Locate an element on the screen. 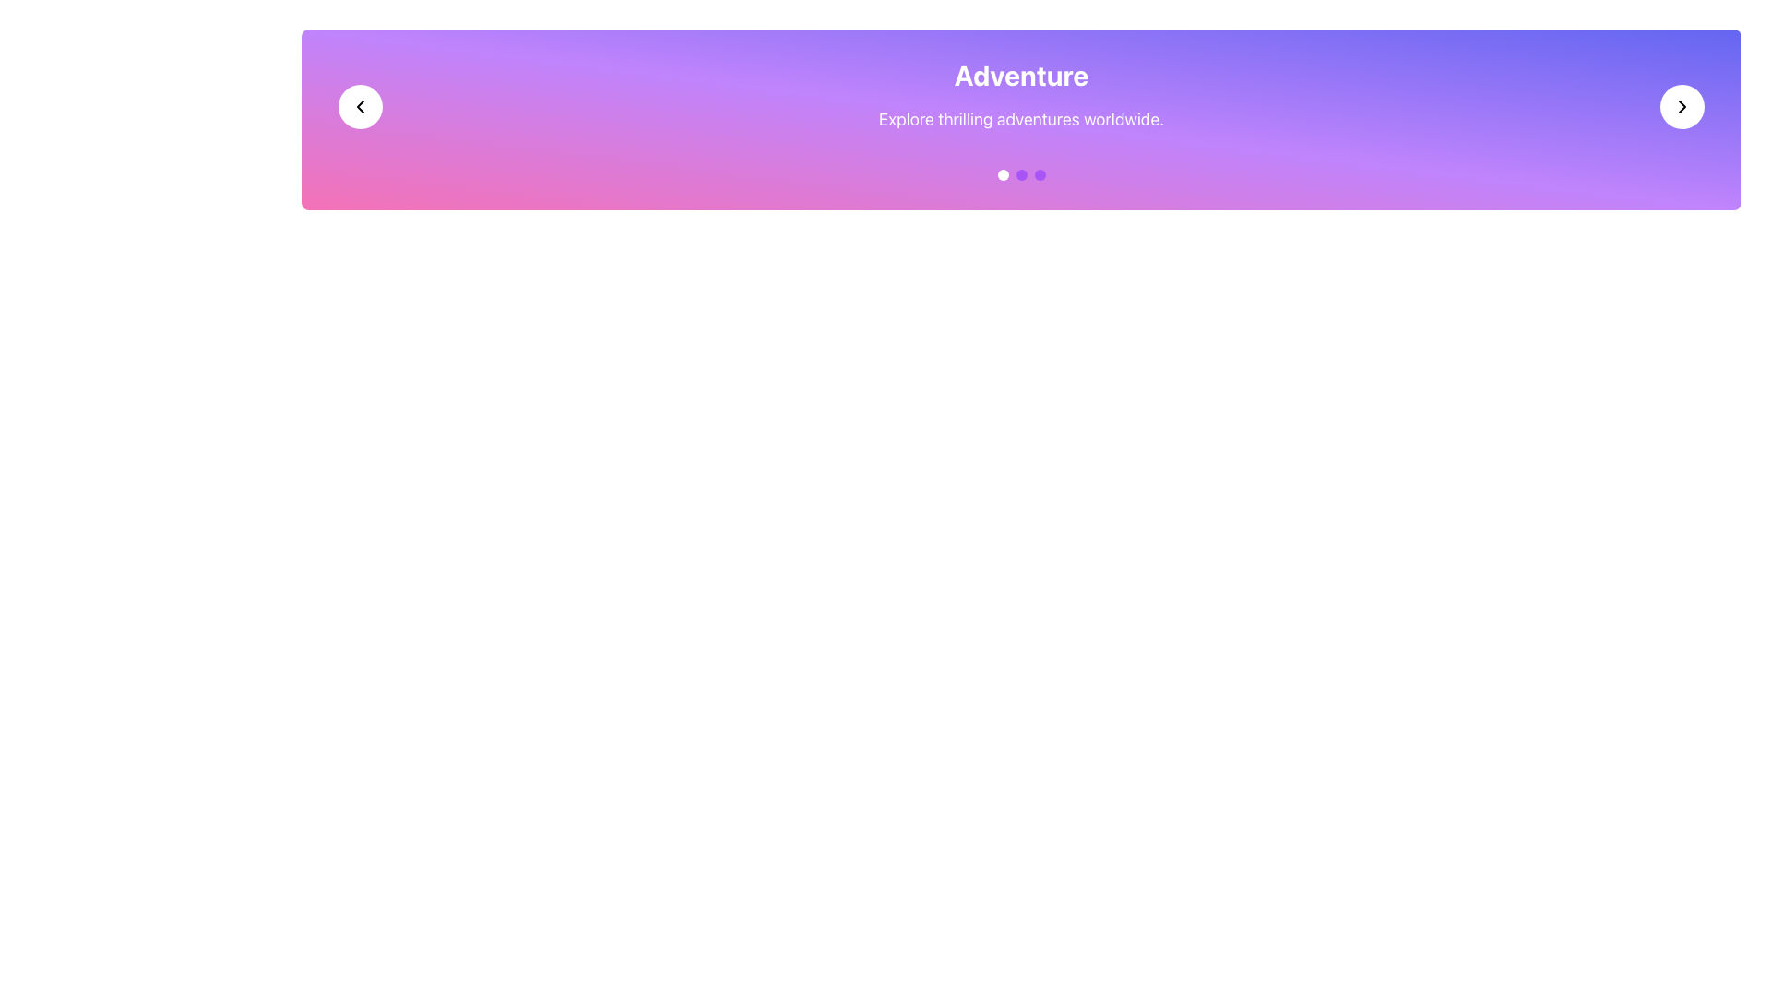  the center circular indicator of the Pagination Indicator is located at coordinates (1020, 174).